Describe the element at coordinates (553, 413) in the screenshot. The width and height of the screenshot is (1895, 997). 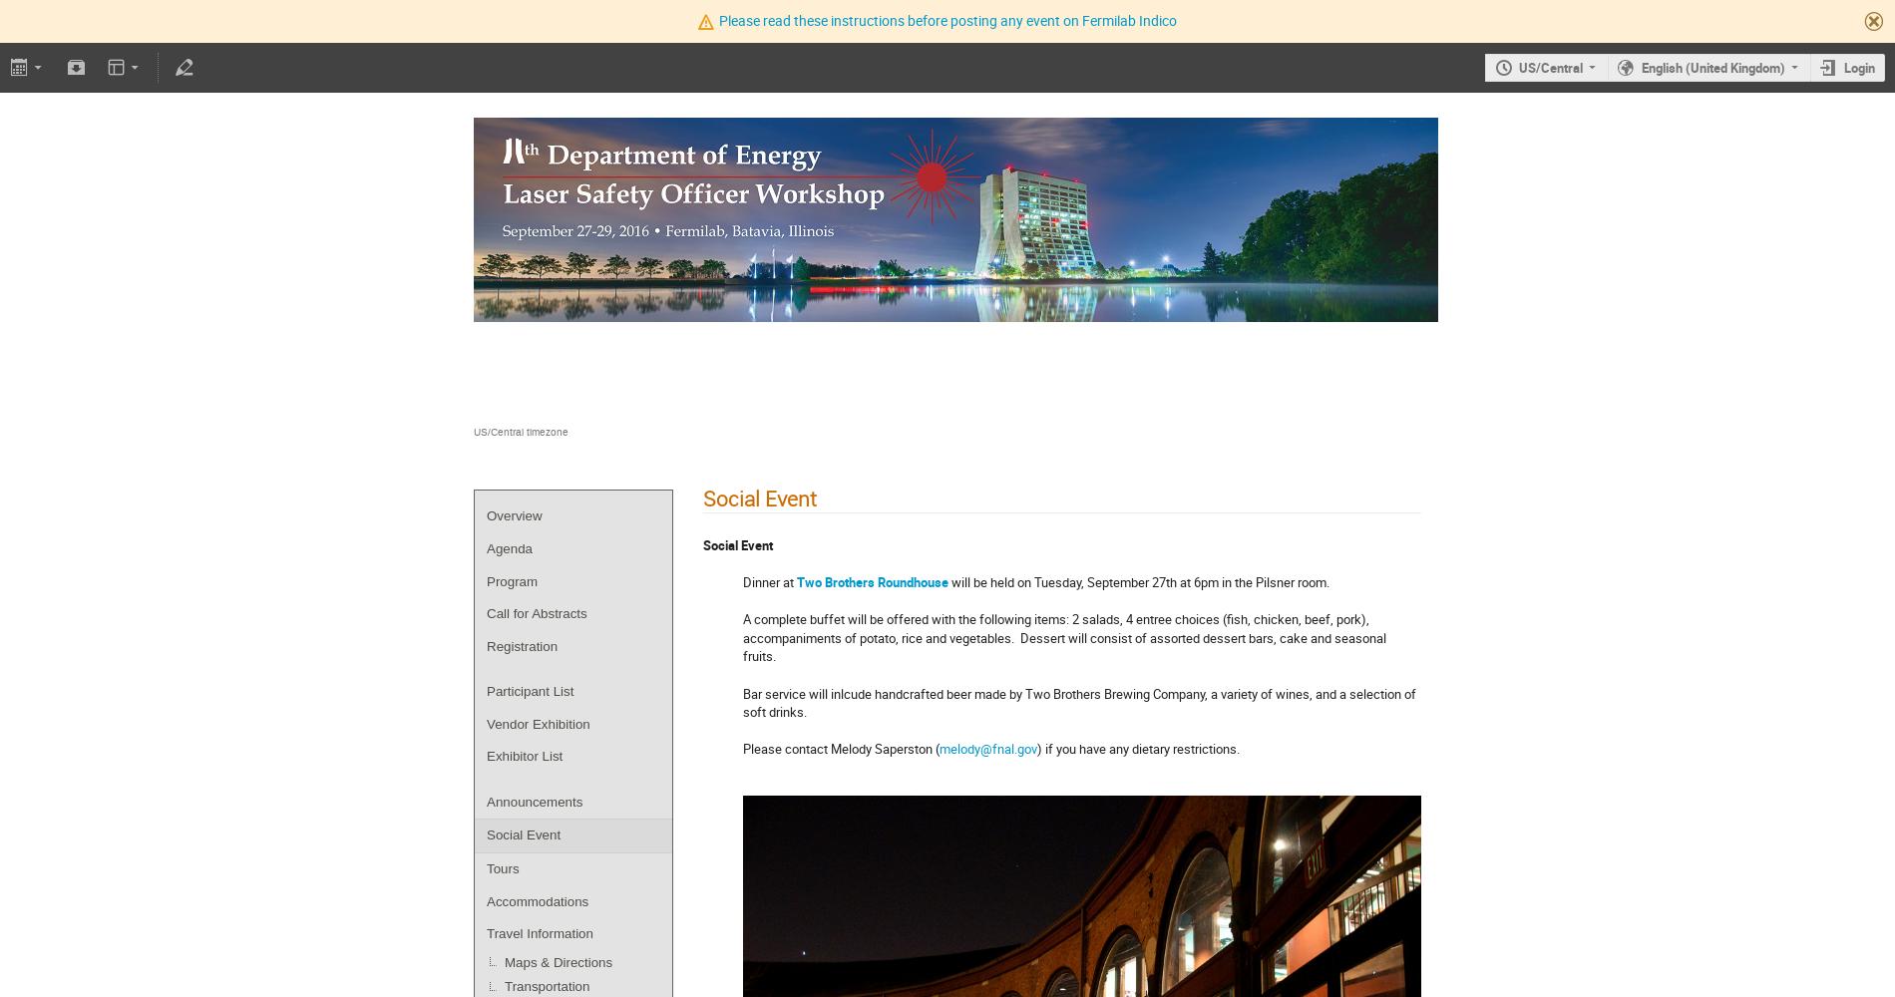
I see `'Fermilab - Wilson Hall'` at that location.